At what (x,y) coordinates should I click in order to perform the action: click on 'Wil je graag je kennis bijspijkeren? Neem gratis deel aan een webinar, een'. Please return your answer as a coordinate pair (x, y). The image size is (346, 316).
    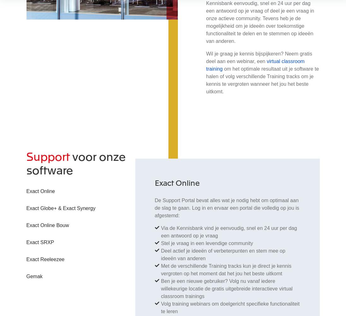
    Looking at the image, I should click on (259, 57).